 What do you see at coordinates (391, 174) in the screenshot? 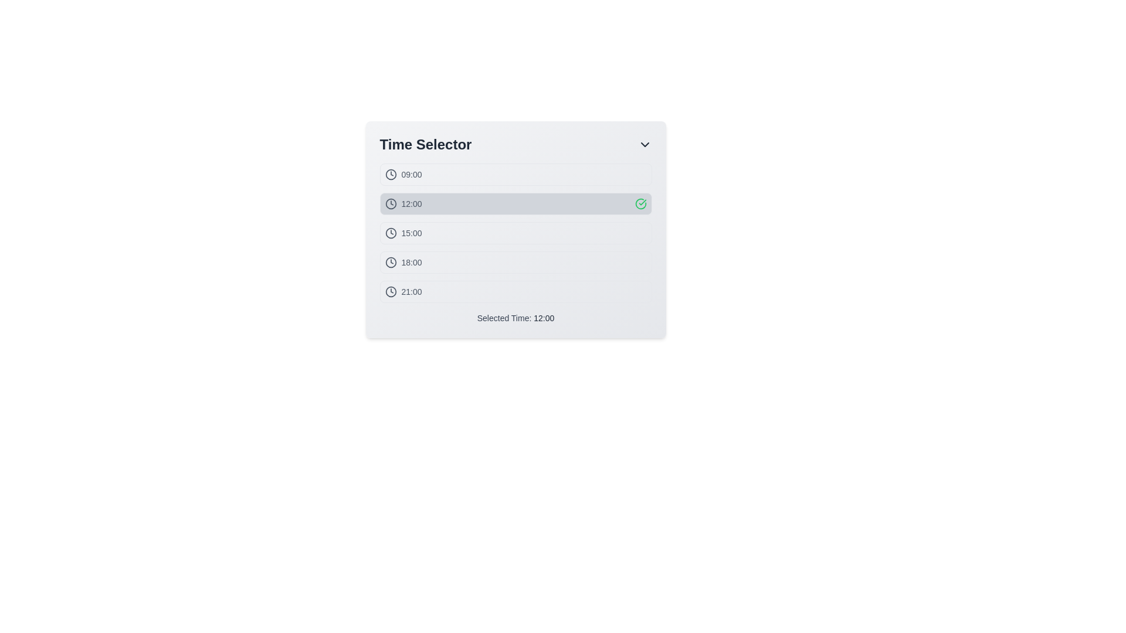
I see `the clock icon that visually represents the time option '09:00', located to the left of the text '09:00' in the time selection interface` at bounding box center [391, 174].